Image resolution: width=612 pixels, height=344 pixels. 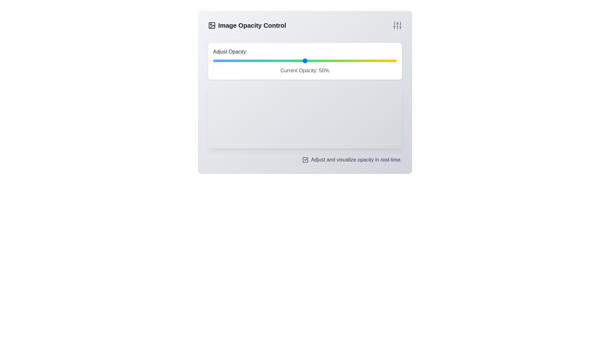 I want to click on the opacity value, so click(x=343, y=61).